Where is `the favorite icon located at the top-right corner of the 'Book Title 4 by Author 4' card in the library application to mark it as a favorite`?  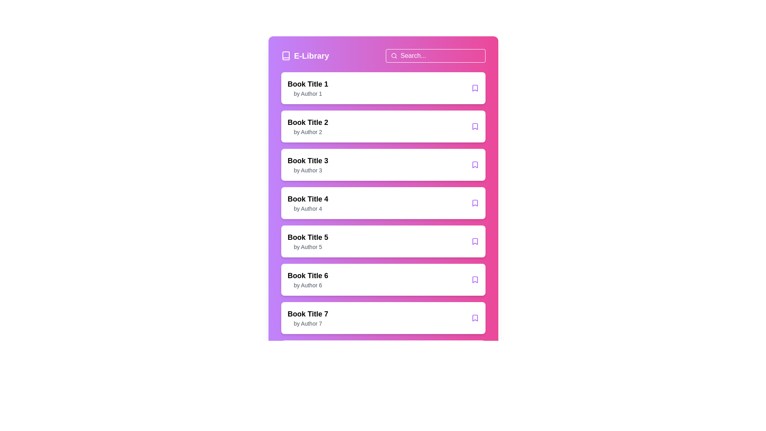 the favorite icon located at the top-right corner of the 'Book Title 4 by Author 4' card in the library application to mark it as a favorite is located at coordinates (475, 203).